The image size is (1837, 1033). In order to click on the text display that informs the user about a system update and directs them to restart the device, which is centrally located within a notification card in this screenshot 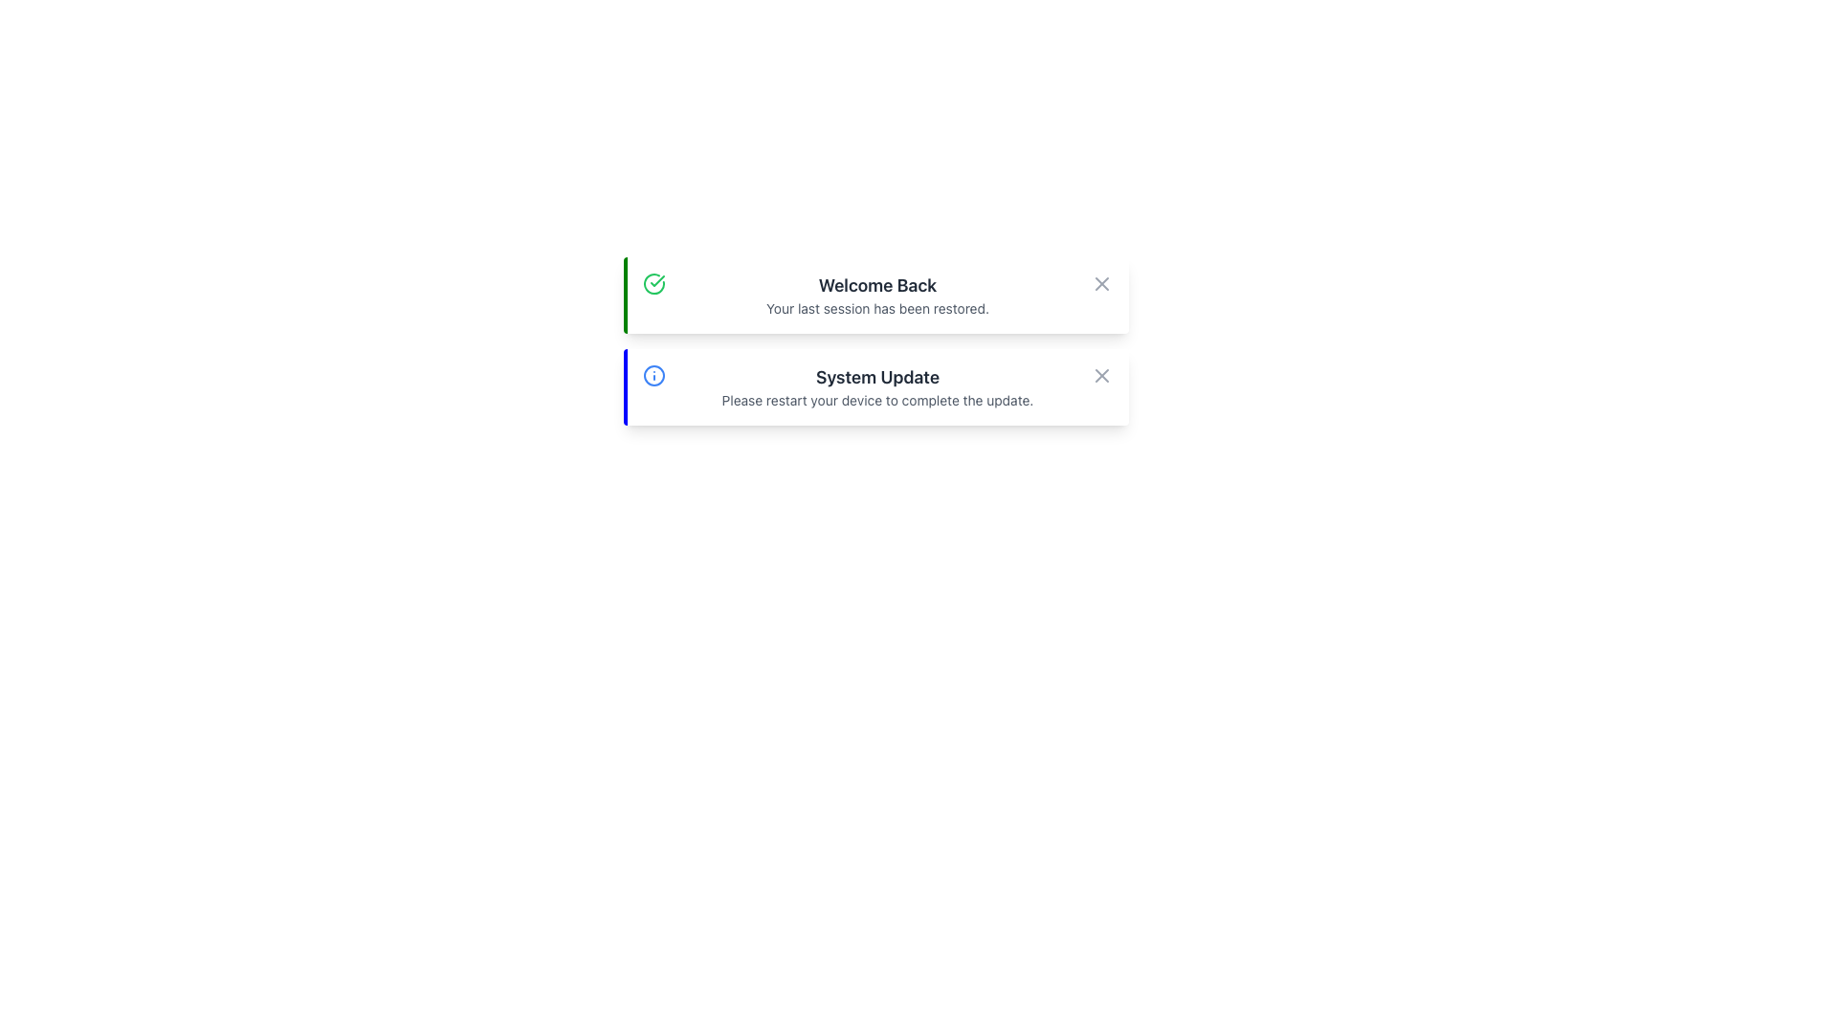, I will do `click(876, 387)`.